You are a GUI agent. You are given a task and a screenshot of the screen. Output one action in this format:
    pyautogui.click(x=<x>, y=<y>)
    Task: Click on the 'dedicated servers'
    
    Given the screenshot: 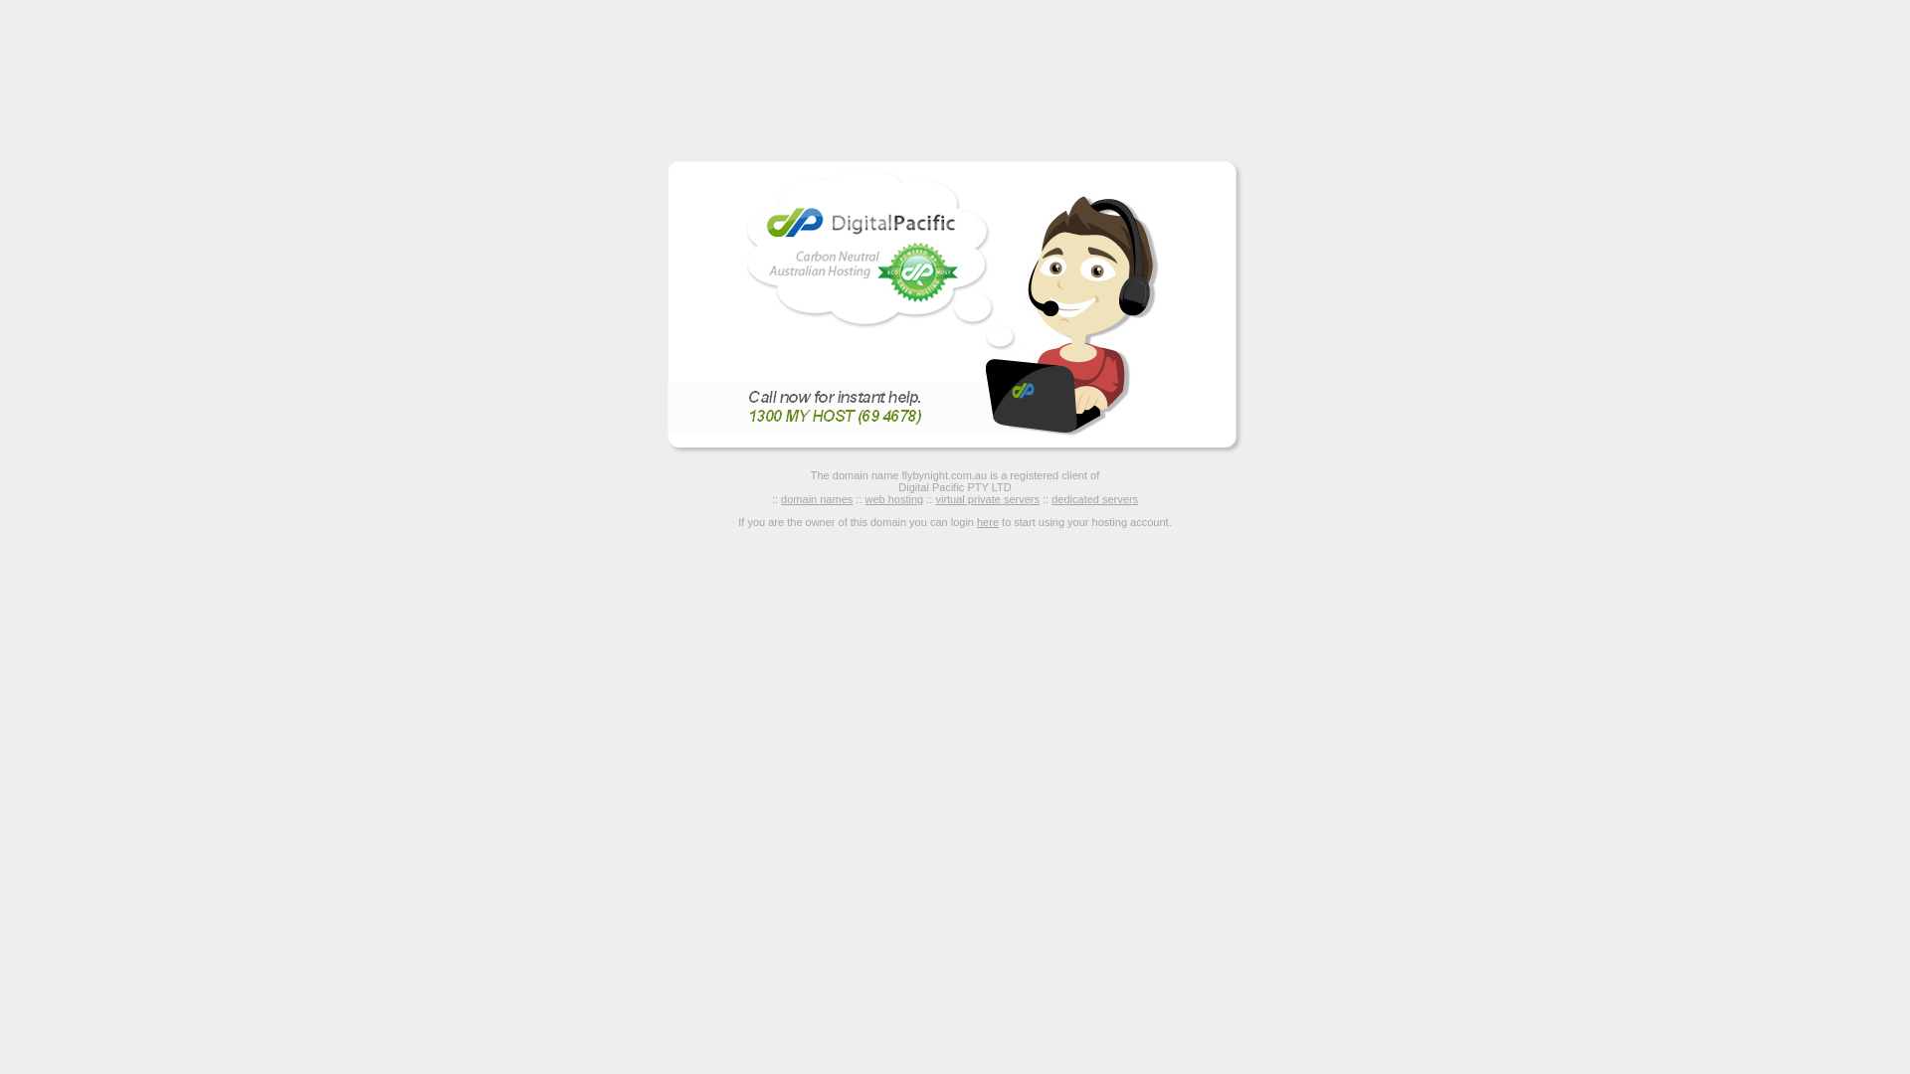 What is the action you would take?
    pyautogui.click(x=1050, y=497)
    